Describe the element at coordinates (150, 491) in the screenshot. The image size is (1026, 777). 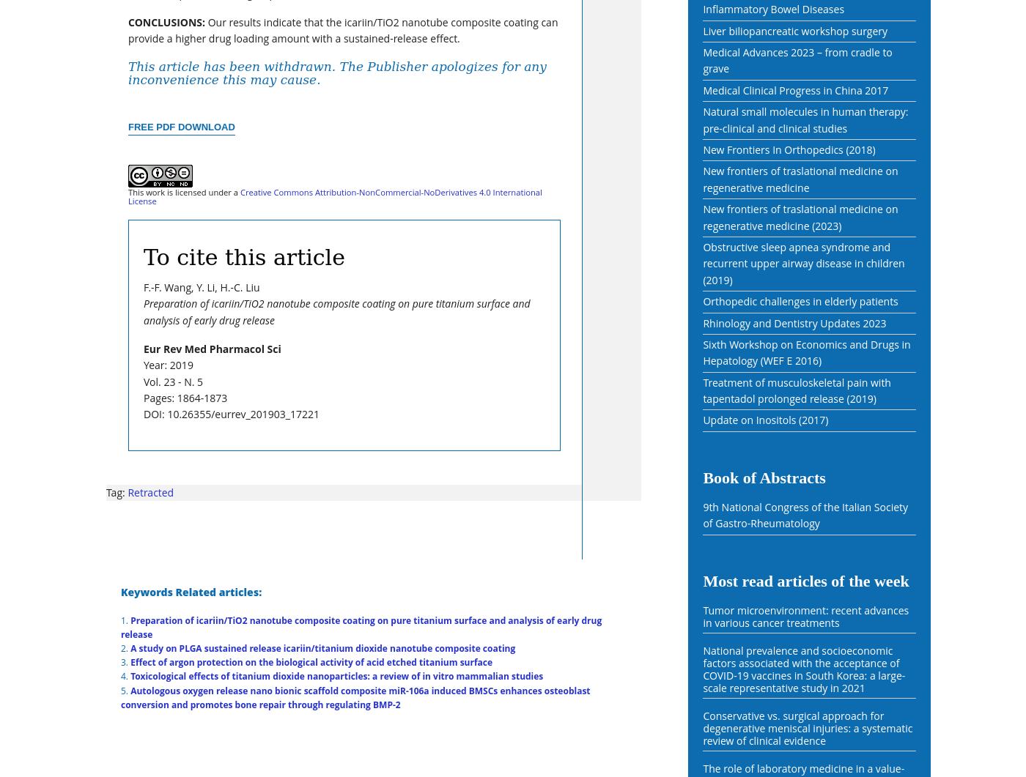
I see `'Retracted'` at that location.